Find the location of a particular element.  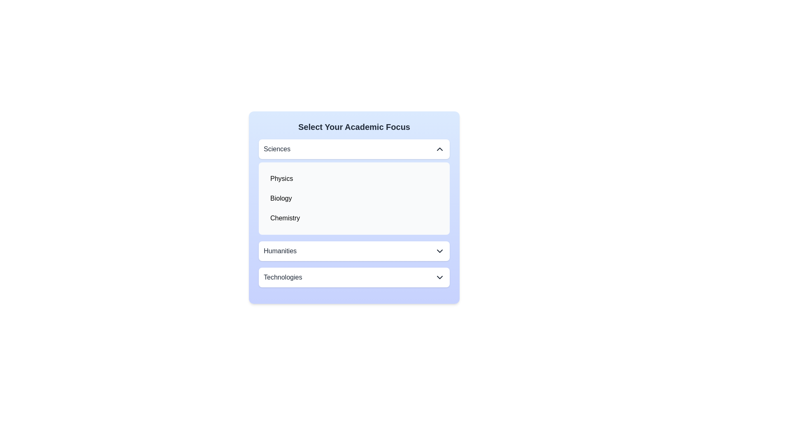

the 'Chemistry' category selection button, which is the last in a vertical list of three options under the 'Sciences' category is located at coordinates (354, 218).